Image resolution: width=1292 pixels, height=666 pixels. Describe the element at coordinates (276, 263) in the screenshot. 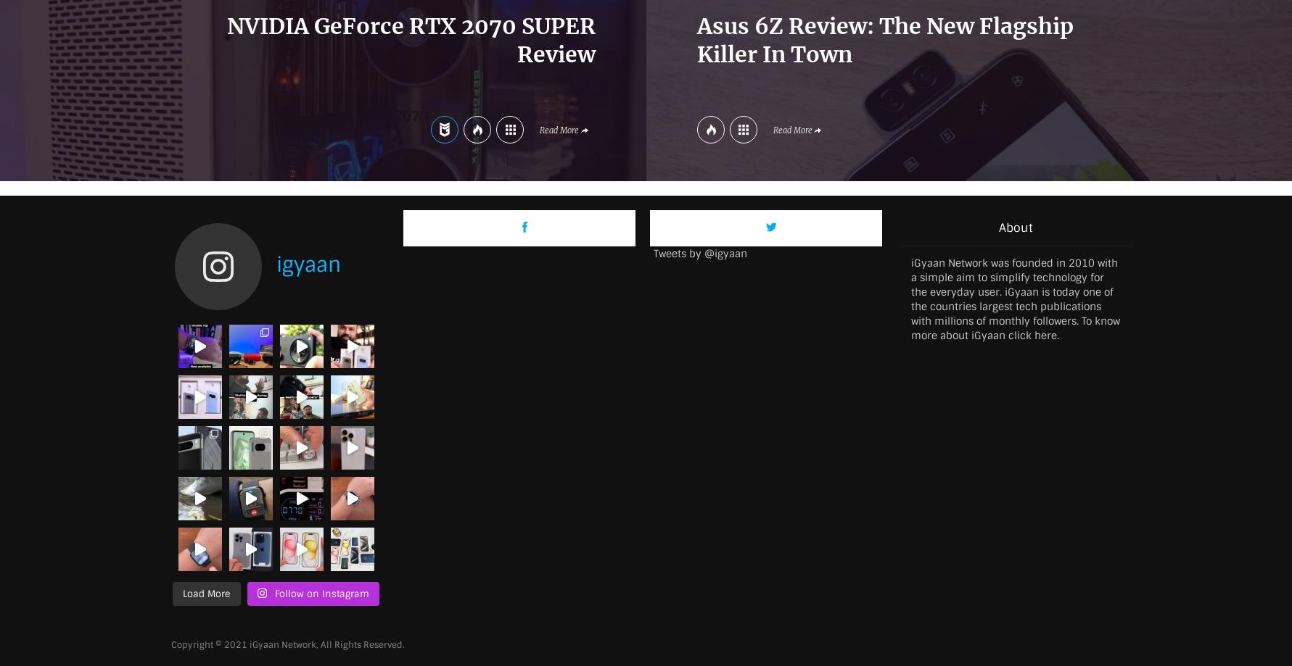

I see `'igyaan'` at that location.